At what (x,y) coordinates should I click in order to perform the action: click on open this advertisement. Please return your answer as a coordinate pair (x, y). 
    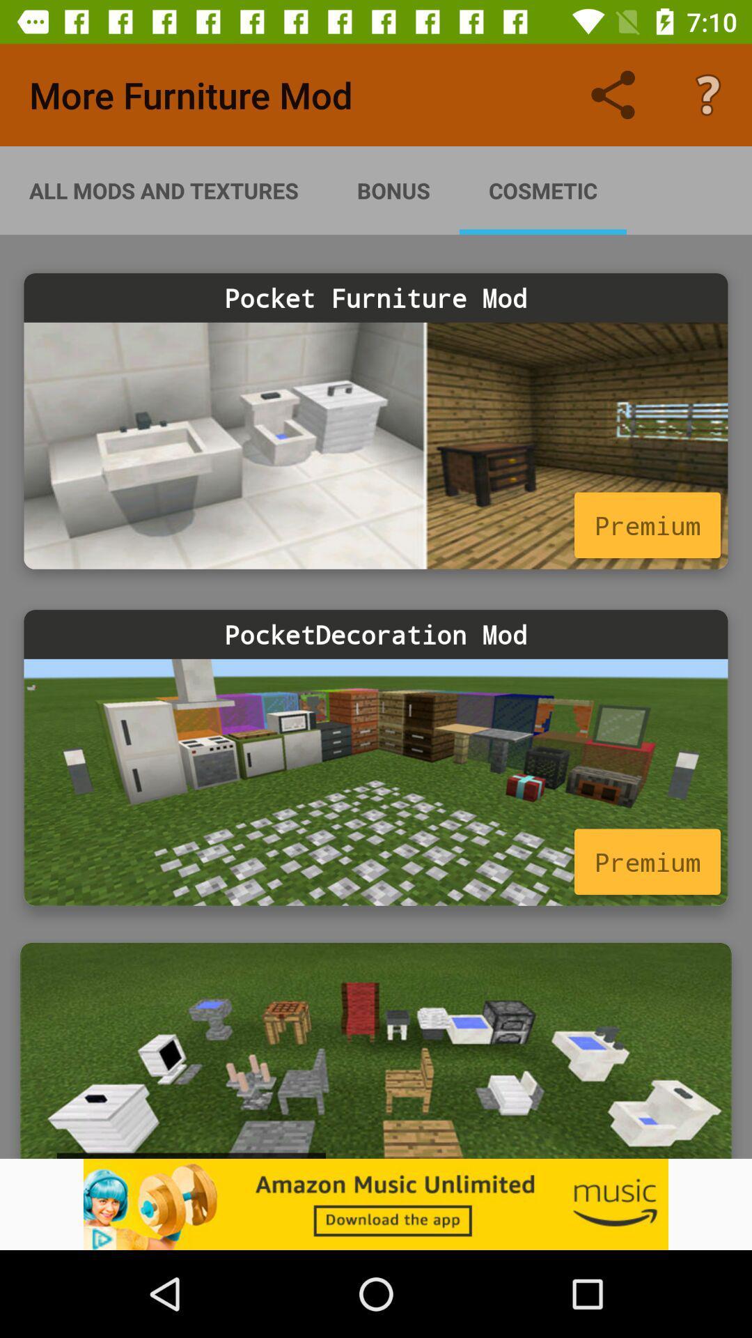
    Looking at the image, I should click on (376, 1050).